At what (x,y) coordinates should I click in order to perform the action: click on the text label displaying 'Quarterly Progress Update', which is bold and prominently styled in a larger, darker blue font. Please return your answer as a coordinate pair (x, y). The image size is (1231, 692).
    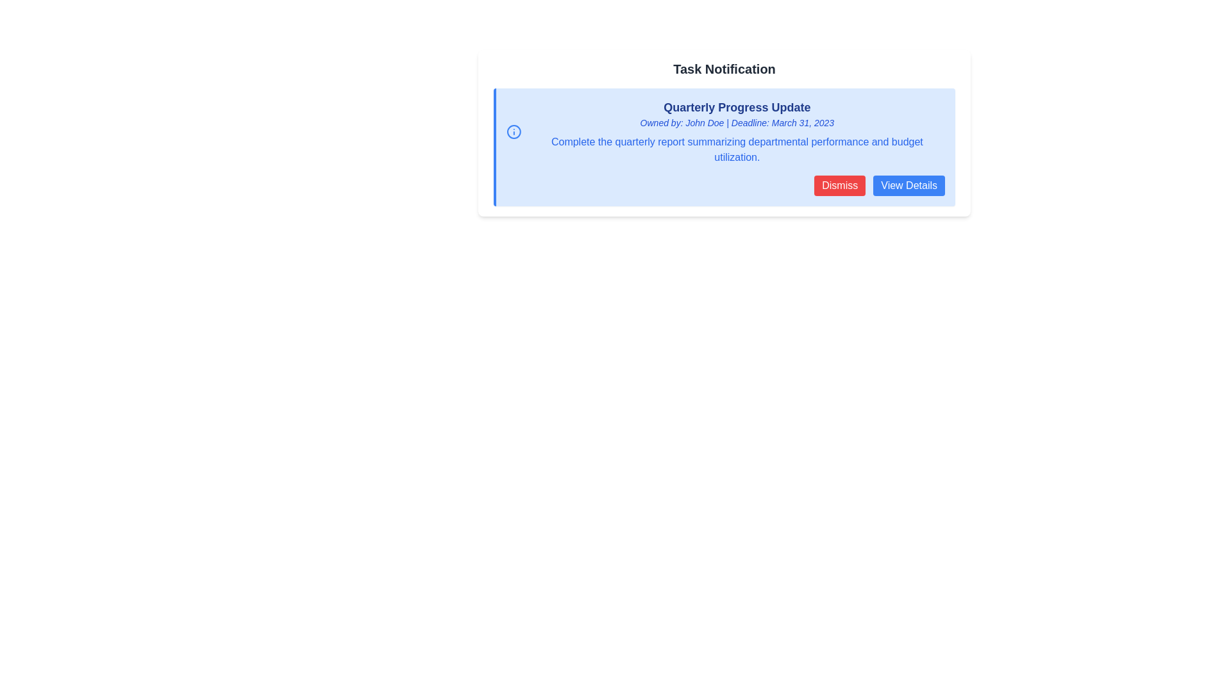
    Looking at the image, I should click on (737, 107).